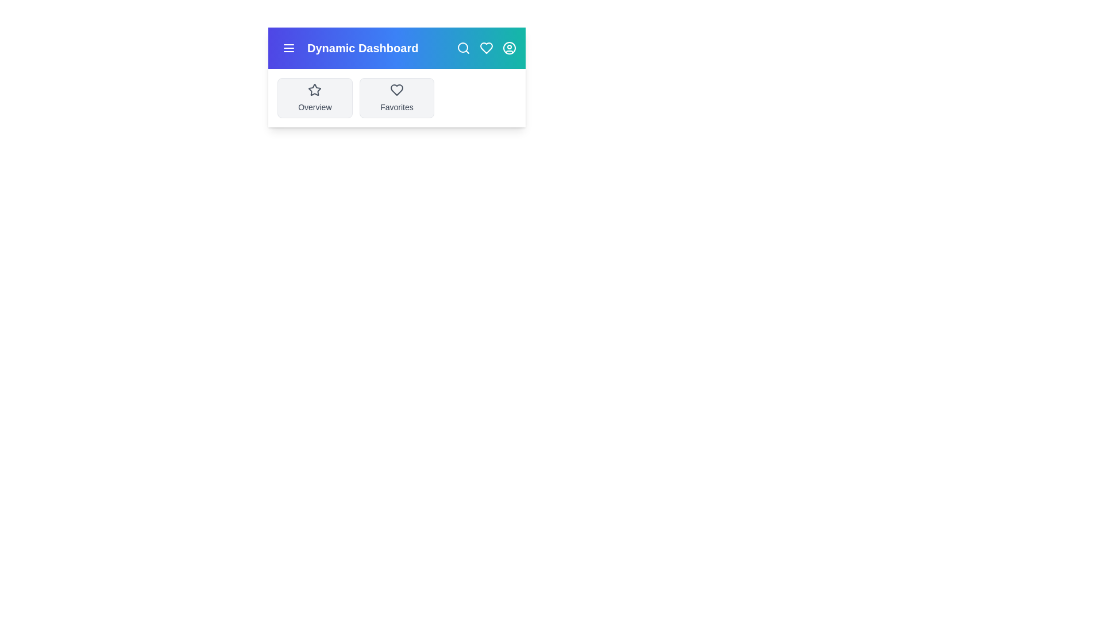 This screenshot has width=1103, height=620. What do you see at coordinates (289, 48) in the screenshot?
I see `the menu button to toggle the sidebar visibility` at bounding box center [289, 48].